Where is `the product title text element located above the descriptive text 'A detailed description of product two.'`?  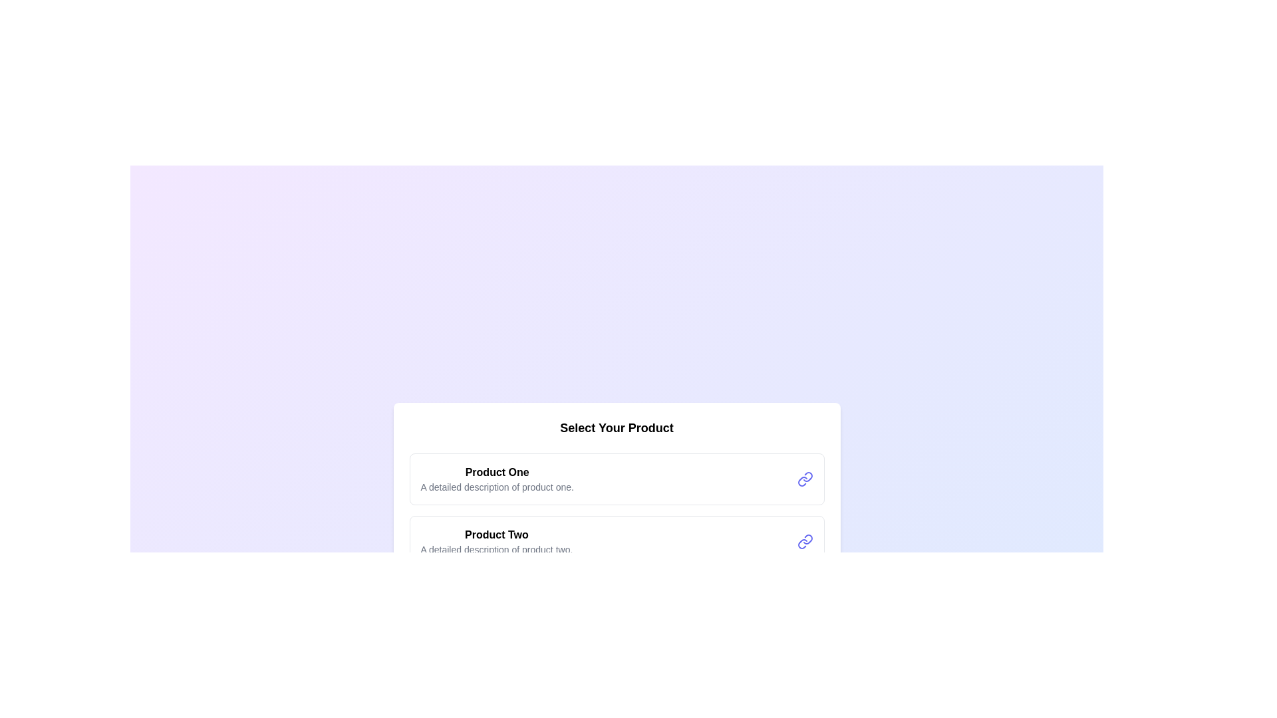 the product title text element located above the descriptive text 'A detailed description of product two.' is located at coordinates (496, 535).